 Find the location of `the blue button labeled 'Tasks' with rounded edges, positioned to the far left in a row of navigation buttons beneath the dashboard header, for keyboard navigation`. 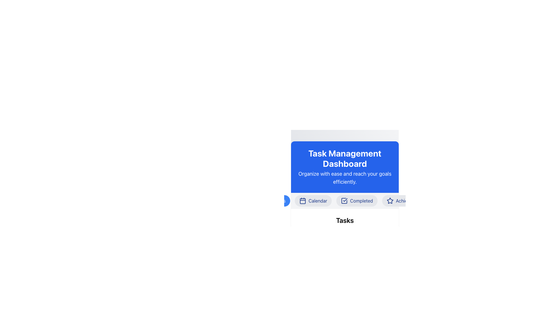

the blue button labeled 'Tasks' with rounded edges, positioned to the far left in a row of navigation buttons beneath the dashboard header, for keyboard navigation is located at coordinates (275, 201).